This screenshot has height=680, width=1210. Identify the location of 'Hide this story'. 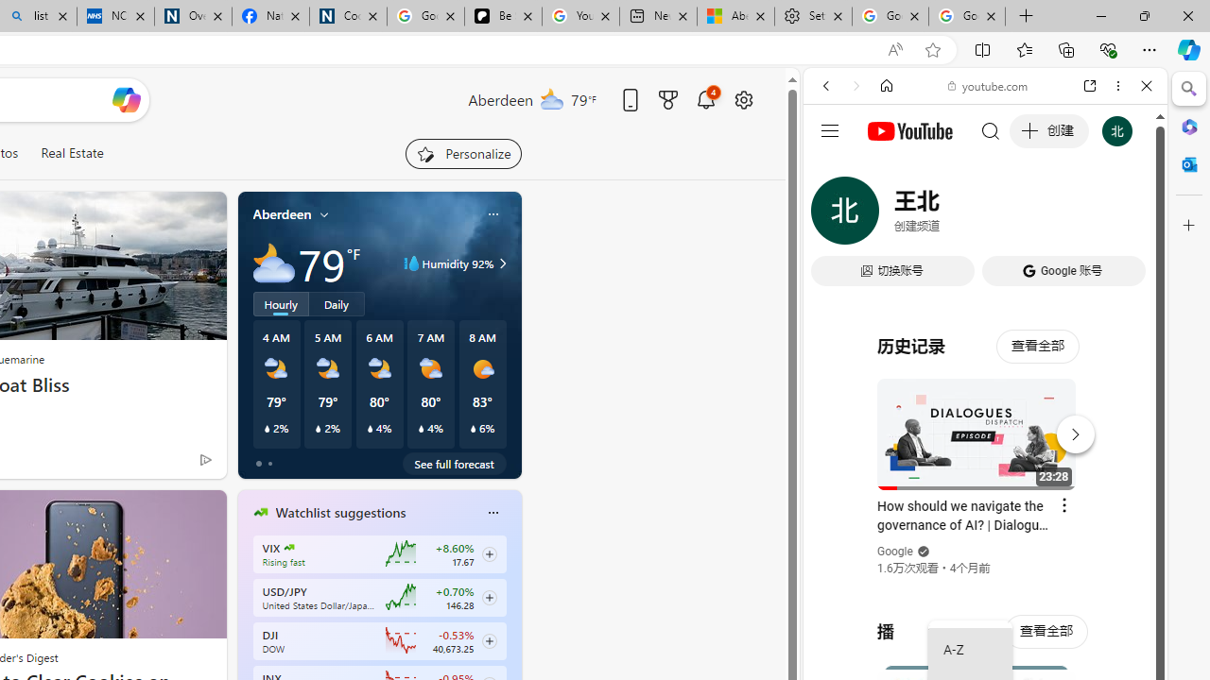
(169, 512).